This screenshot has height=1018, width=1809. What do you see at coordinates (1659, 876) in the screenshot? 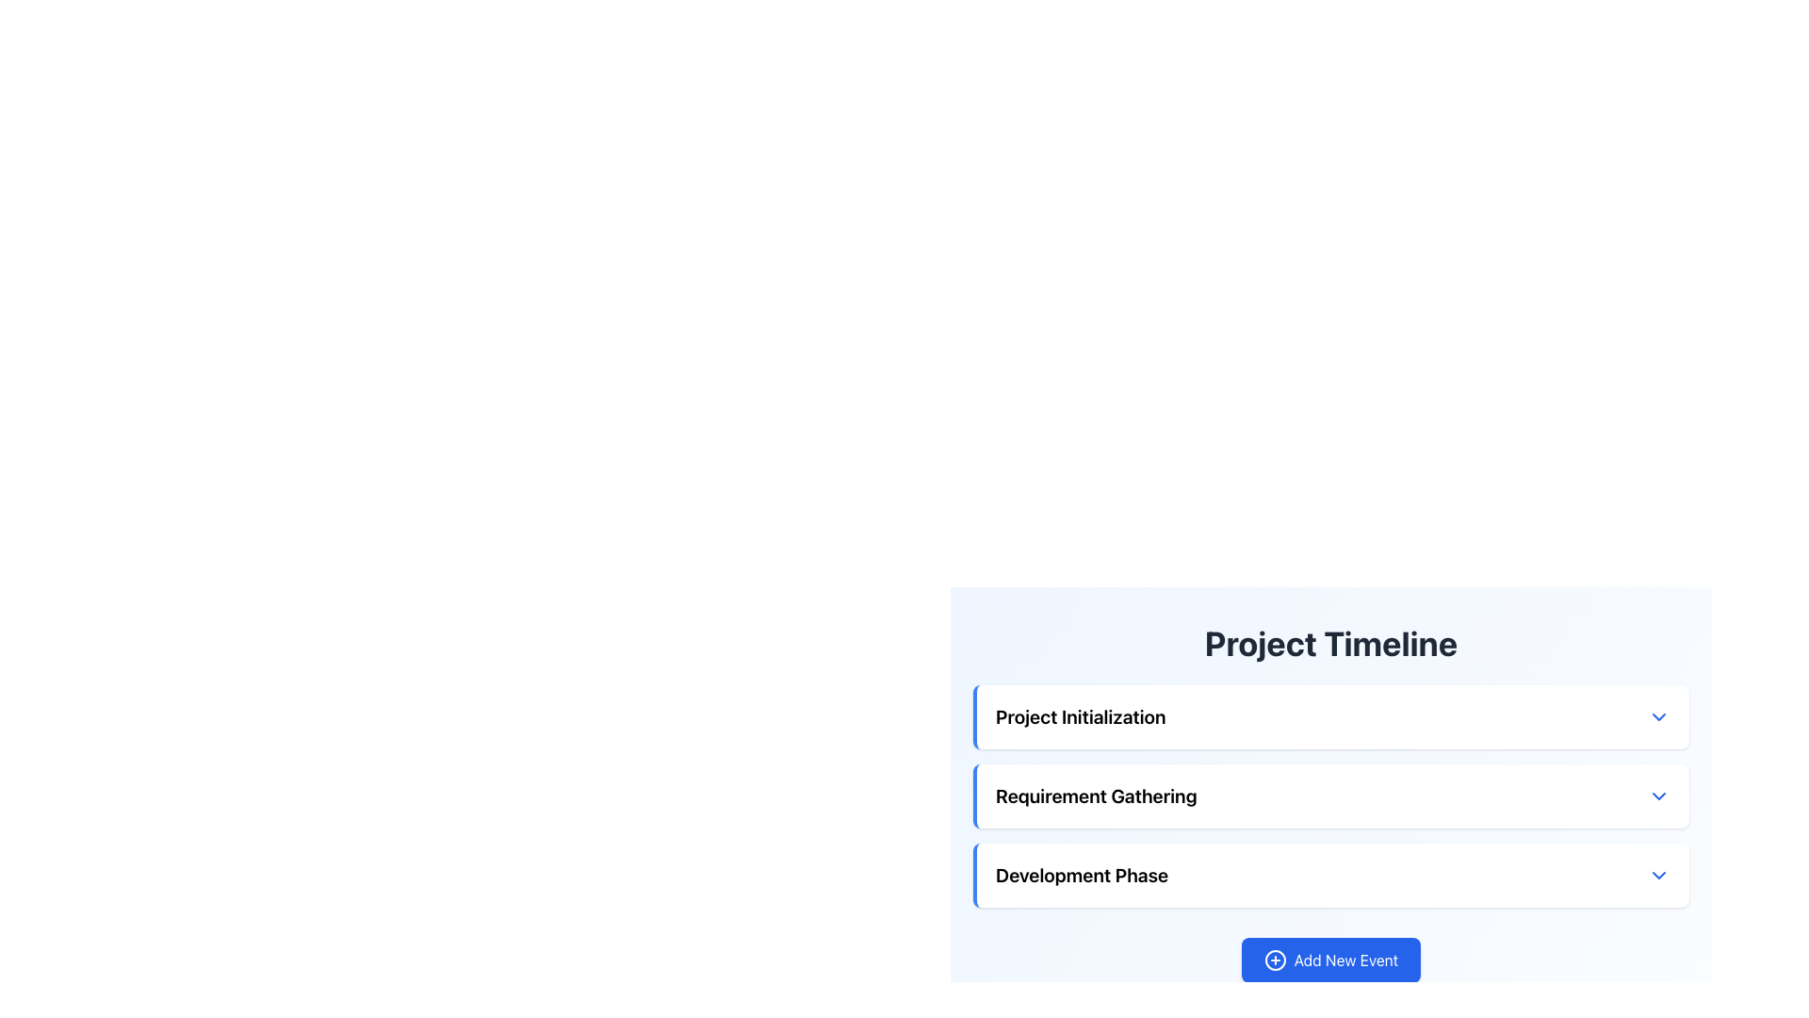
I see `the dropdown toggle icon located at the far right of the 'Development Phase' section` at bounding box center [1659, 876].